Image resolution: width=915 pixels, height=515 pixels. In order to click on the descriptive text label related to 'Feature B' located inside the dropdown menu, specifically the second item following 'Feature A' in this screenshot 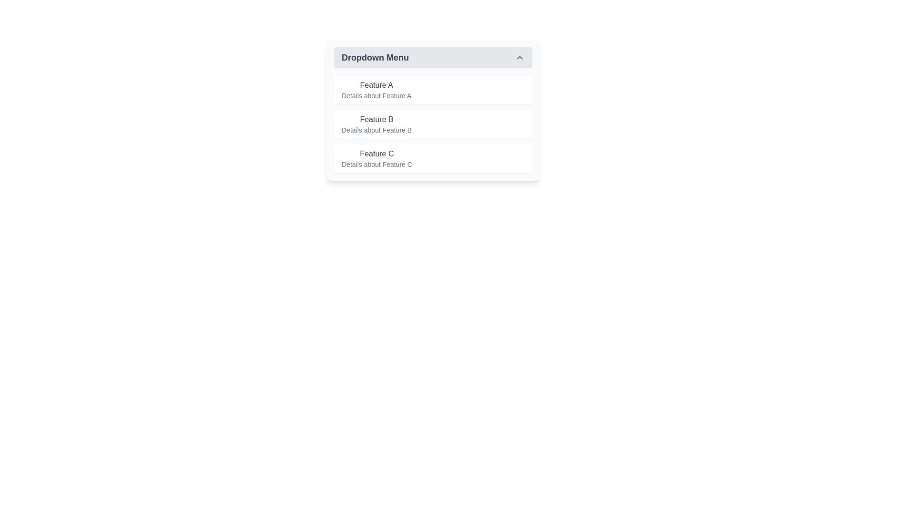, I will do `click(376, 130)`.